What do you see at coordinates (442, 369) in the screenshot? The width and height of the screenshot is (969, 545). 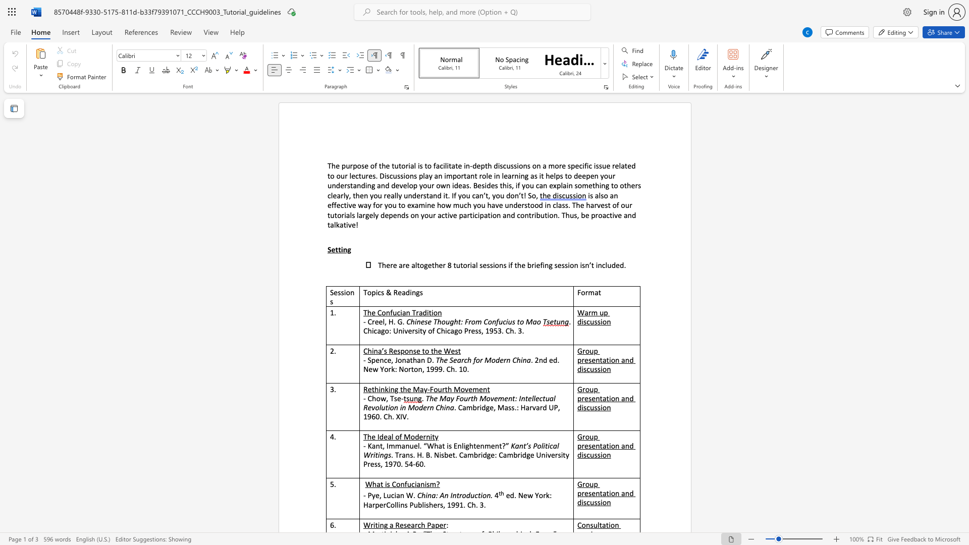 I see `the subset text ". Ch. 1" within the text ". 2nd ed. New York: Norton, 1999. Ch. 10."` at bounding box center [442, 369].